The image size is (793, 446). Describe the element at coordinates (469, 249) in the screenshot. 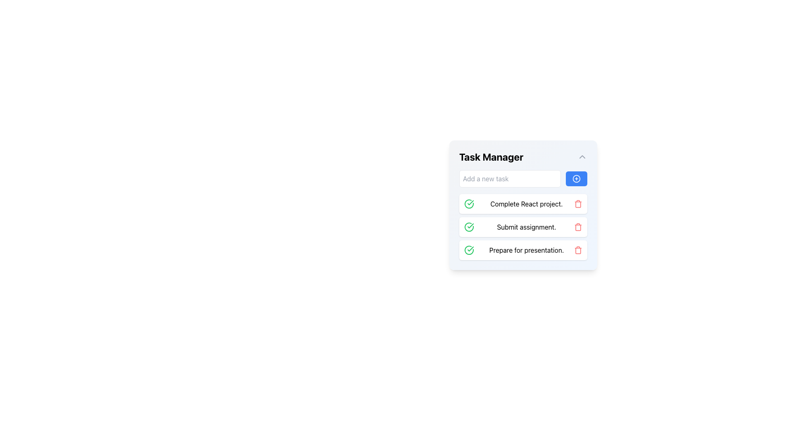

I see `the circular graphical representation within the SVG icon that indicates completion for the task 'Prepare for presentation.'` at that location.